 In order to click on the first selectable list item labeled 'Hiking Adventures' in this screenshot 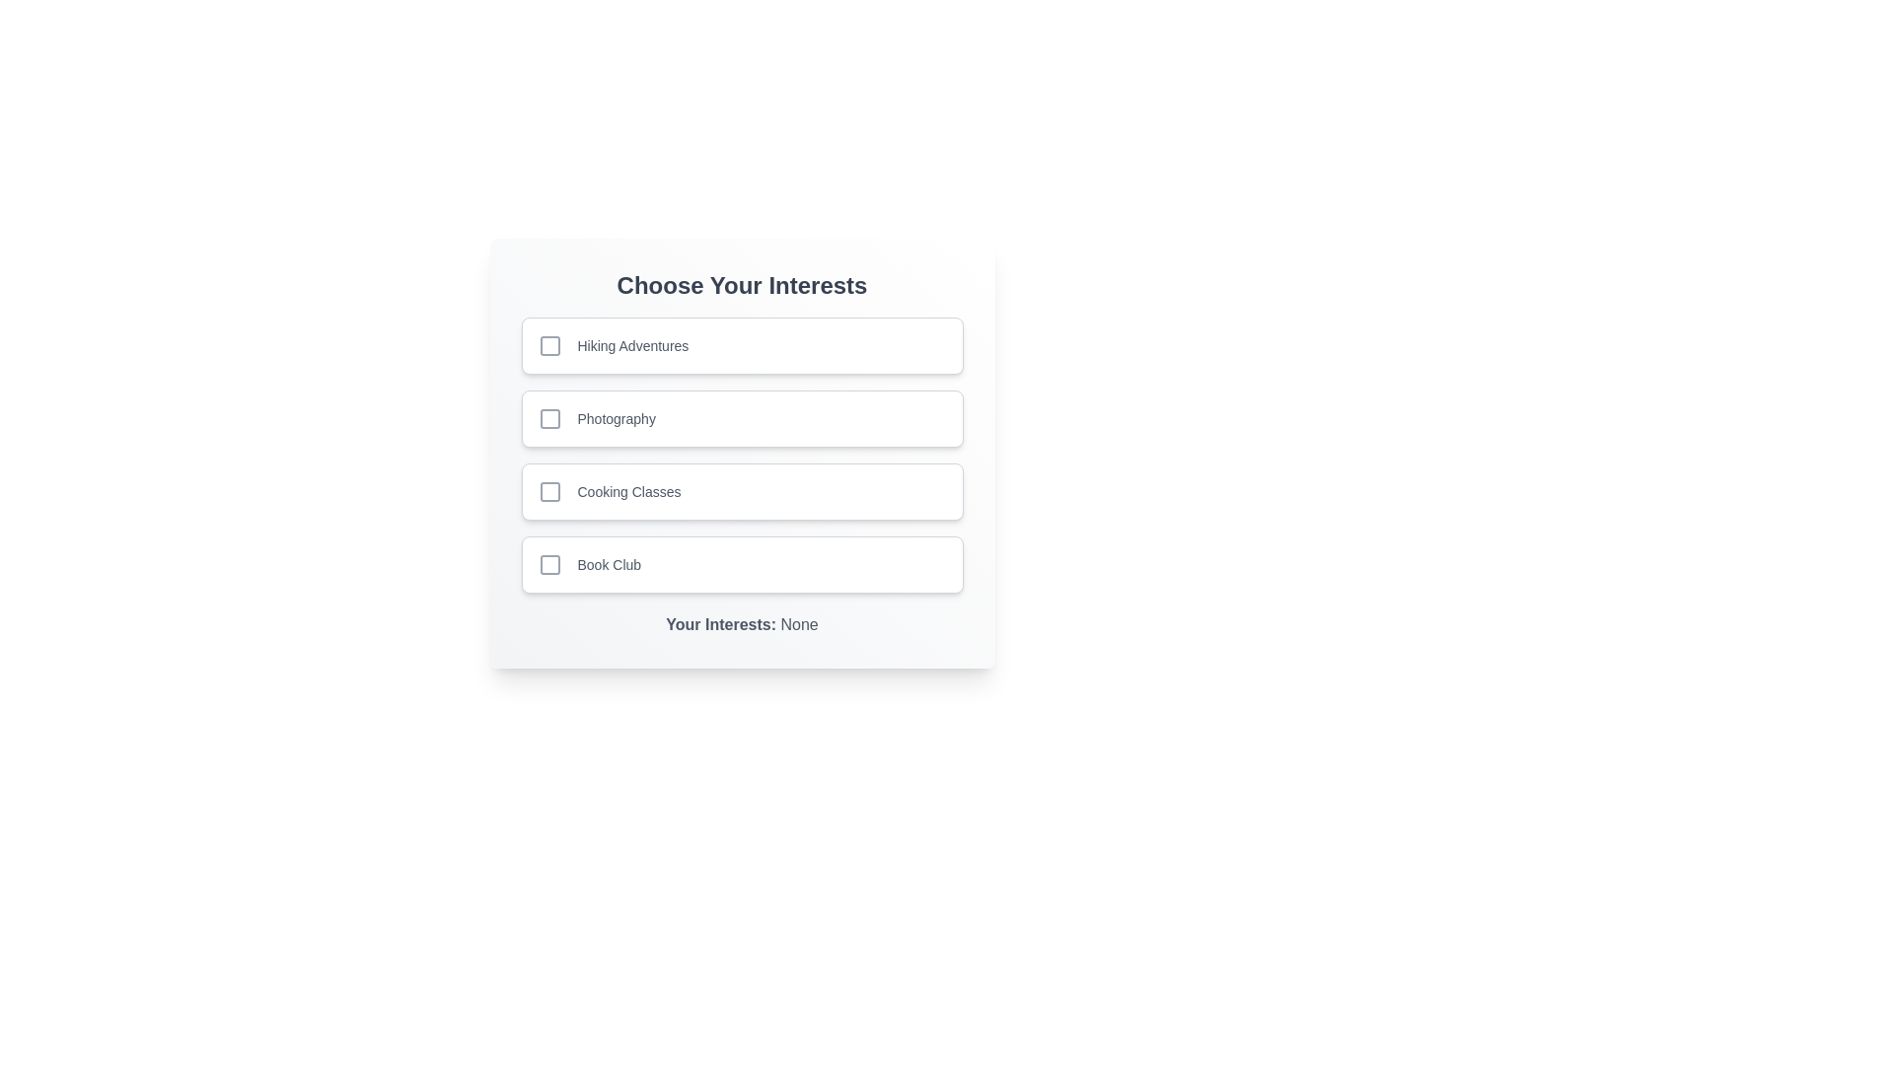, I will do `click(741, 345)`.